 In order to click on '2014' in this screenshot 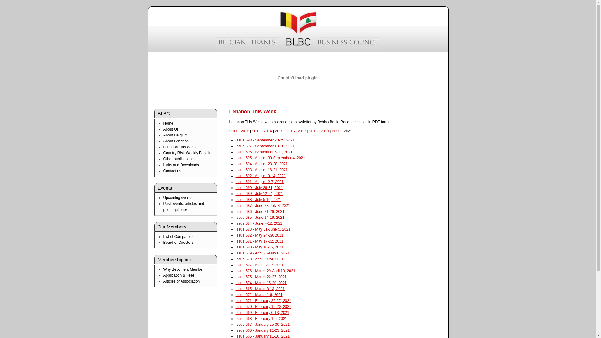, I will do `click(263, 131)`.